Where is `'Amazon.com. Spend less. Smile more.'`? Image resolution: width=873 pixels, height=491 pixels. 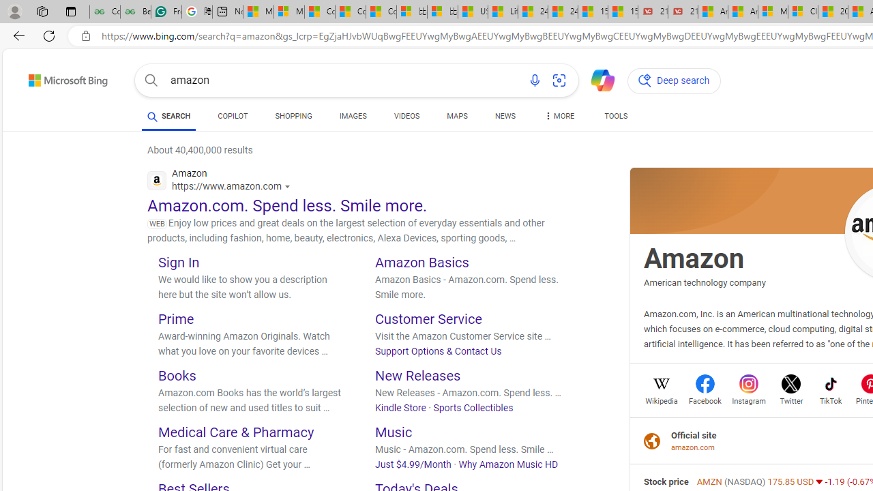 'Amazon.com. Spend less. Smile more.' is located at coordinates (286, 205).